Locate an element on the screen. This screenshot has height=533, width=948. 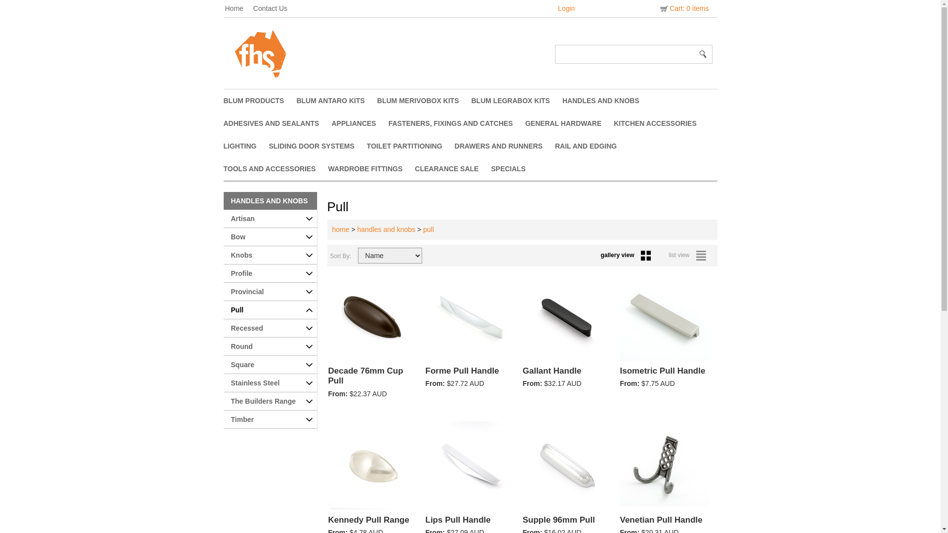
'The Builders Range' is located at coordinates (270, 401).